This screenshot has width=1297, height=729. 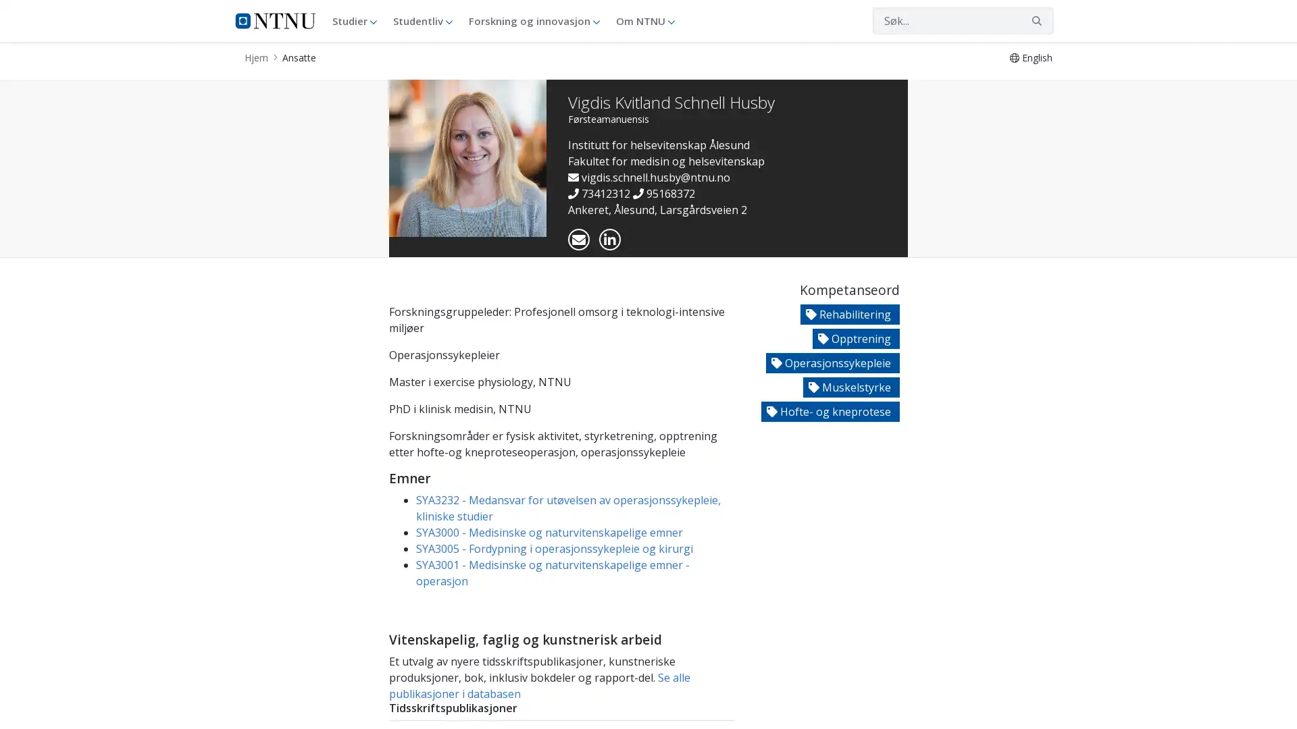 What do you see at coordinates (1036, 20) in the screenshot?
I see `Submit` at bounding box center [1036, 20].